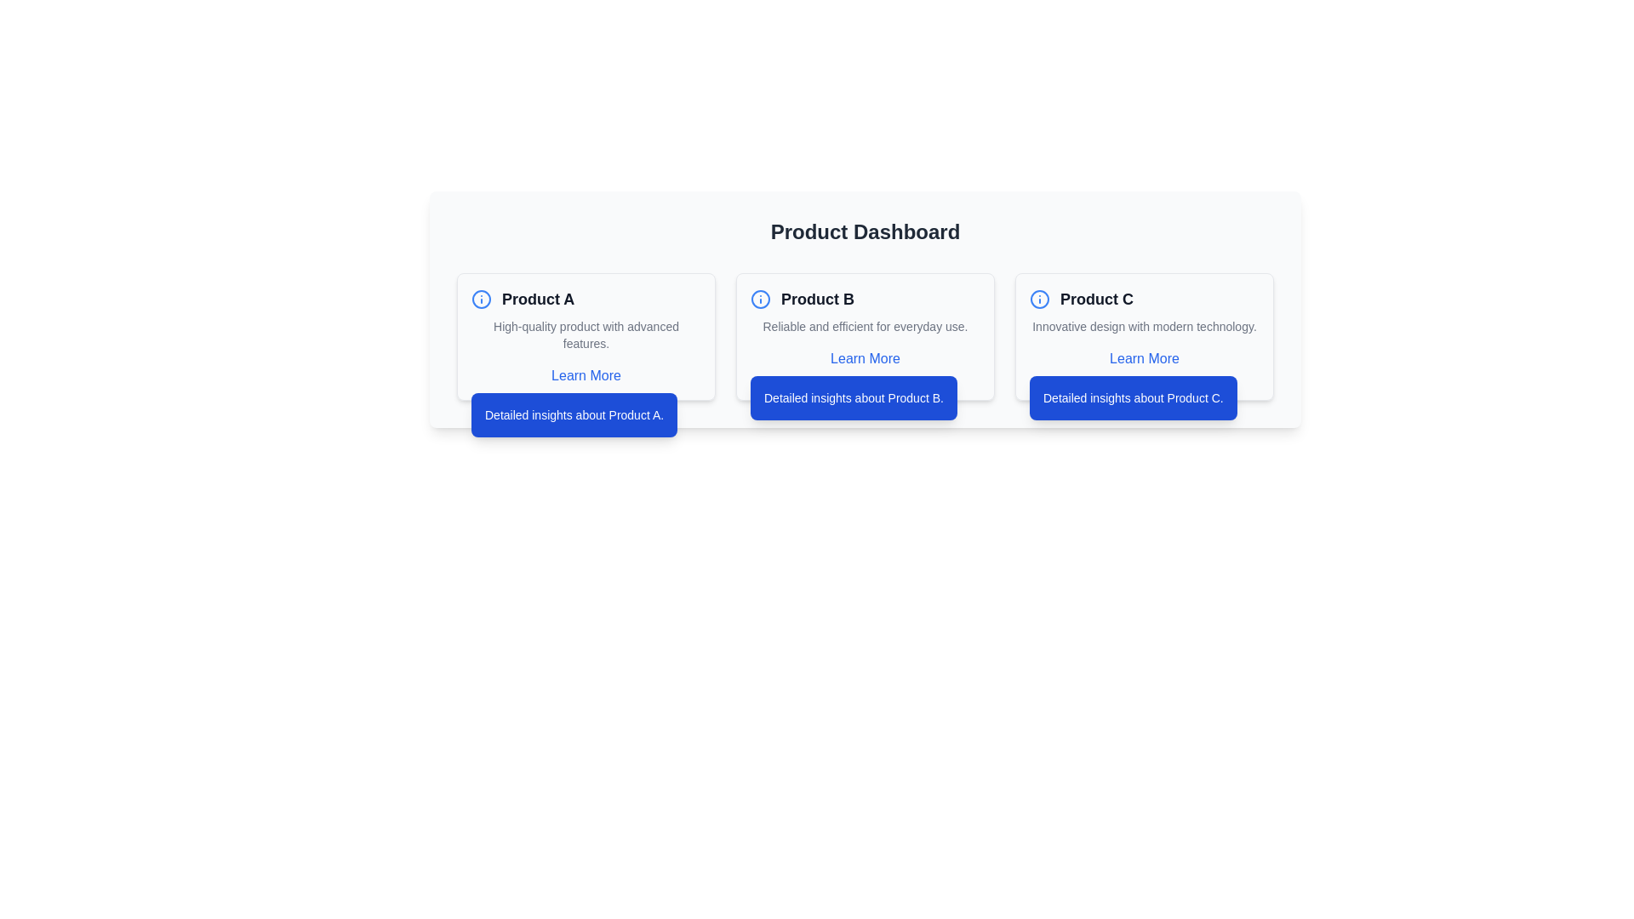 This screenshot has width=1634, height=919. Describe the element at coordinates (866, 327) in the screenshot. I see `the text label that reads 'Reliable and efficient for everyday use.' located below the 'Product B' title in the product card for 'Product B'` at that location.